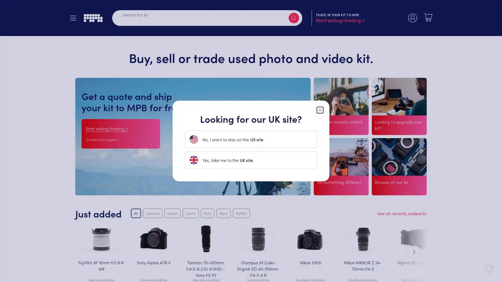 The width and height of the screenshot is (502, 282). Describe the element at coordinates (489, 269) in the screenshot. I see `Open Intercom Messenger` at that location.